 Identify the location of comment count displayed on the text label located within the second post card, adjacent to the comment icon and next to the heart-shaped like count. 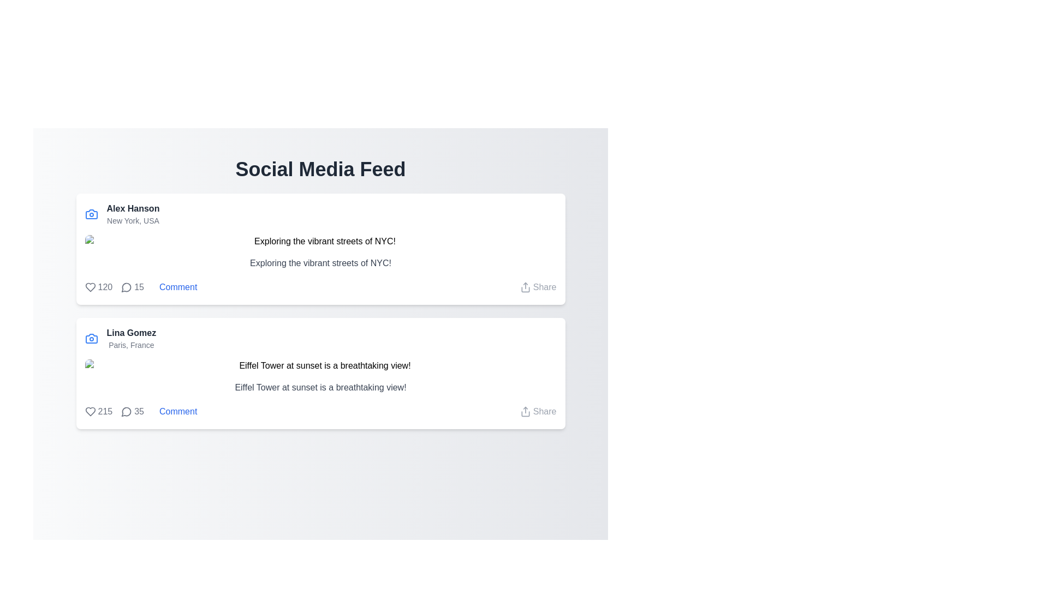
(132, 412).